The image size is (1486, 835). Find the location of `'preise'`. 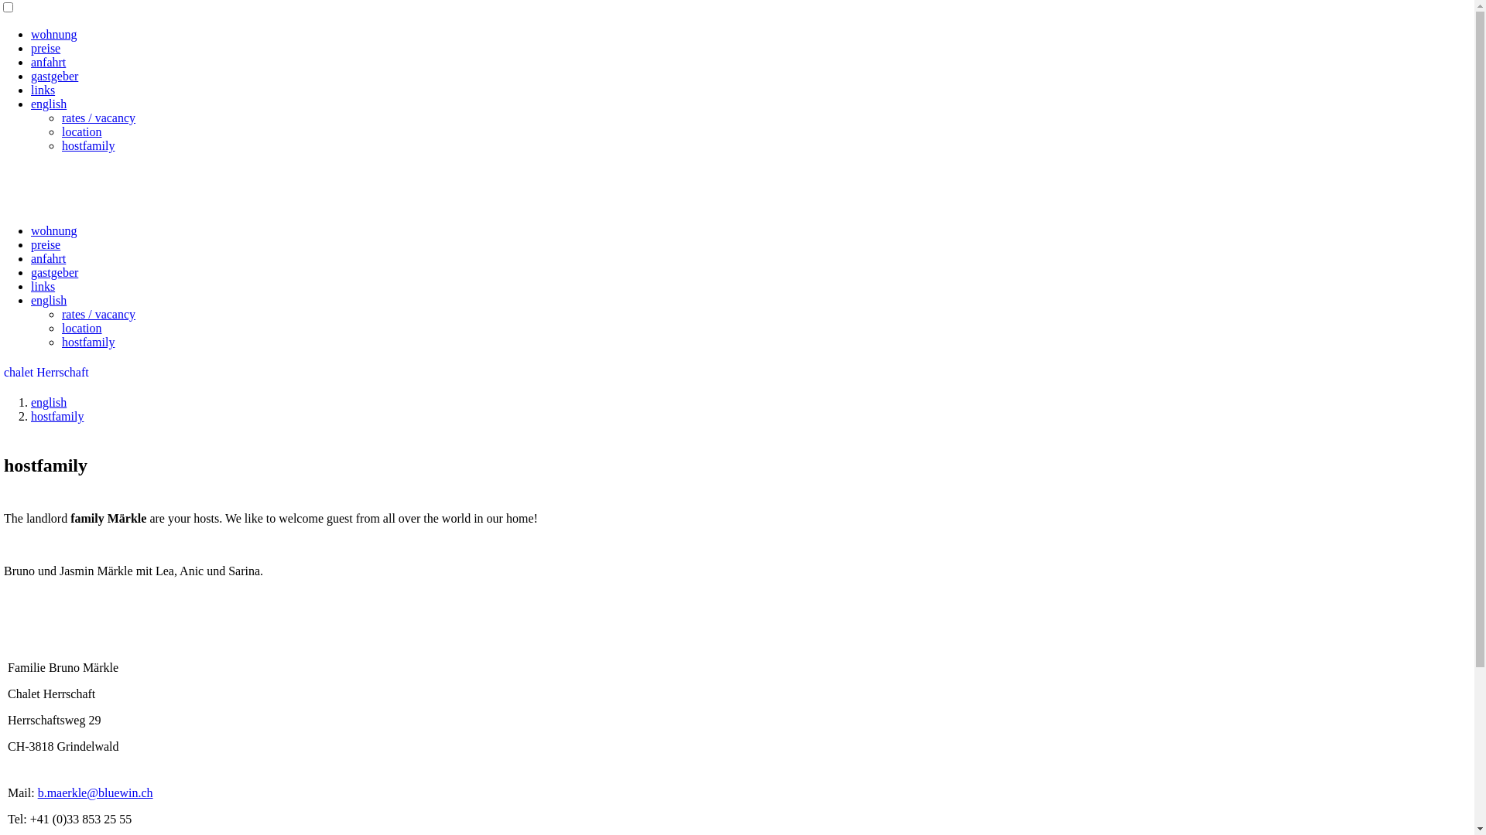

'preise' is located at coordinates (45, 47).